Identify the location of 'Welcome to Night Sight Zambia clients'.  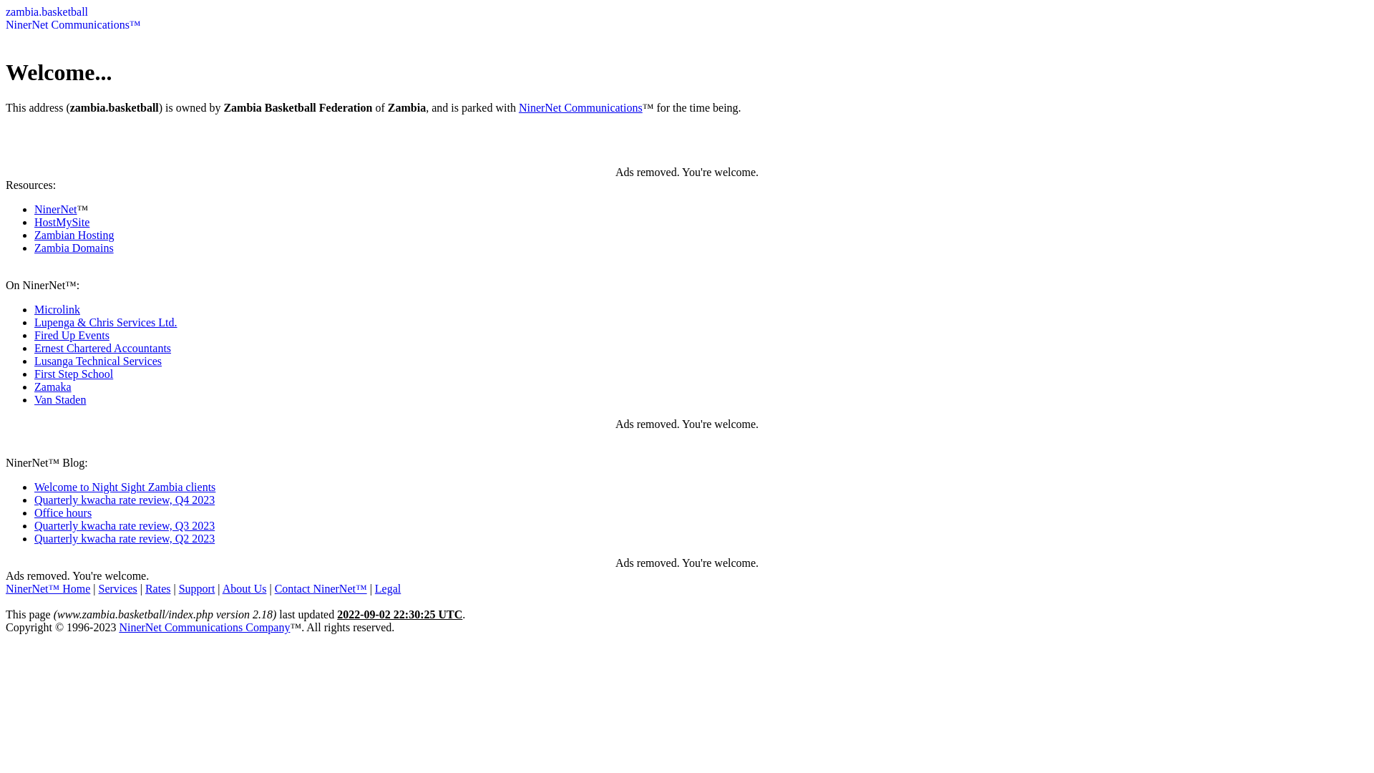
(125, 486).